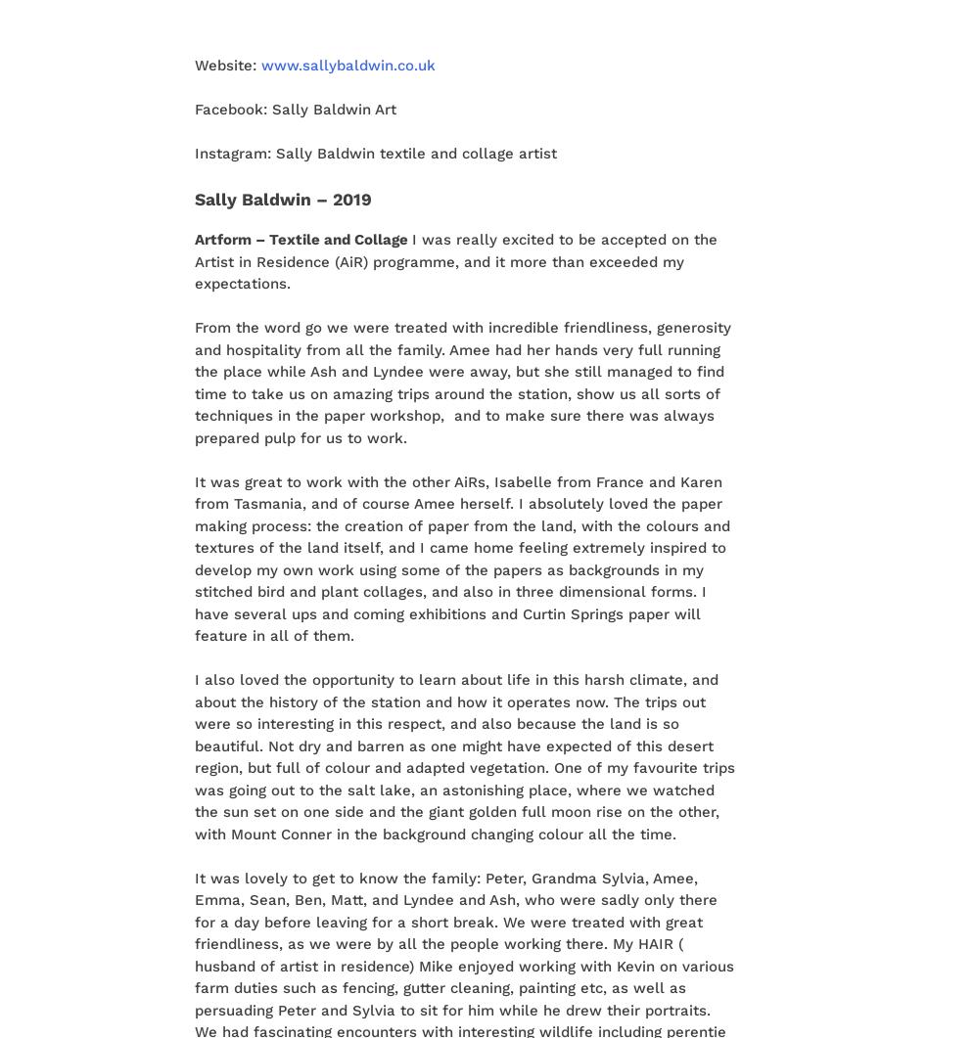  What do you see at coordinates (303, 238) in the screenshot?
I see `'Artform – Textile and Collage'` at bounding box center [303, 238].